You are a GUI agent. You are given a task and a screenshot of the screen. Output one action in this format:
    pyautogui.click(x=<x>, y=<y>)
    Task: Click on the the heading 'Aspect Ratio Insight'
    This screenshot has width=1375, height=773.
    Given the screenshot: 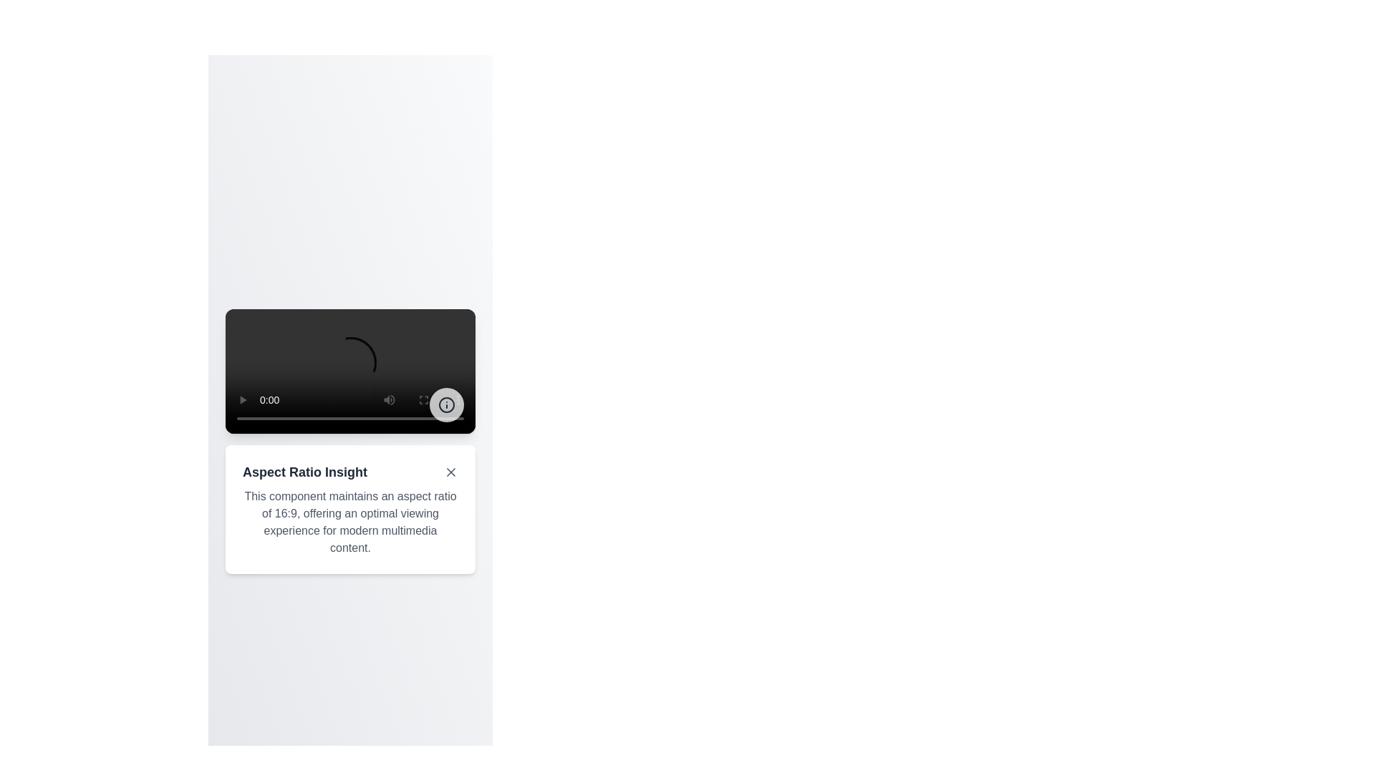 What is the action you would take?
    pyautogui.click(x=350, y=472)
    